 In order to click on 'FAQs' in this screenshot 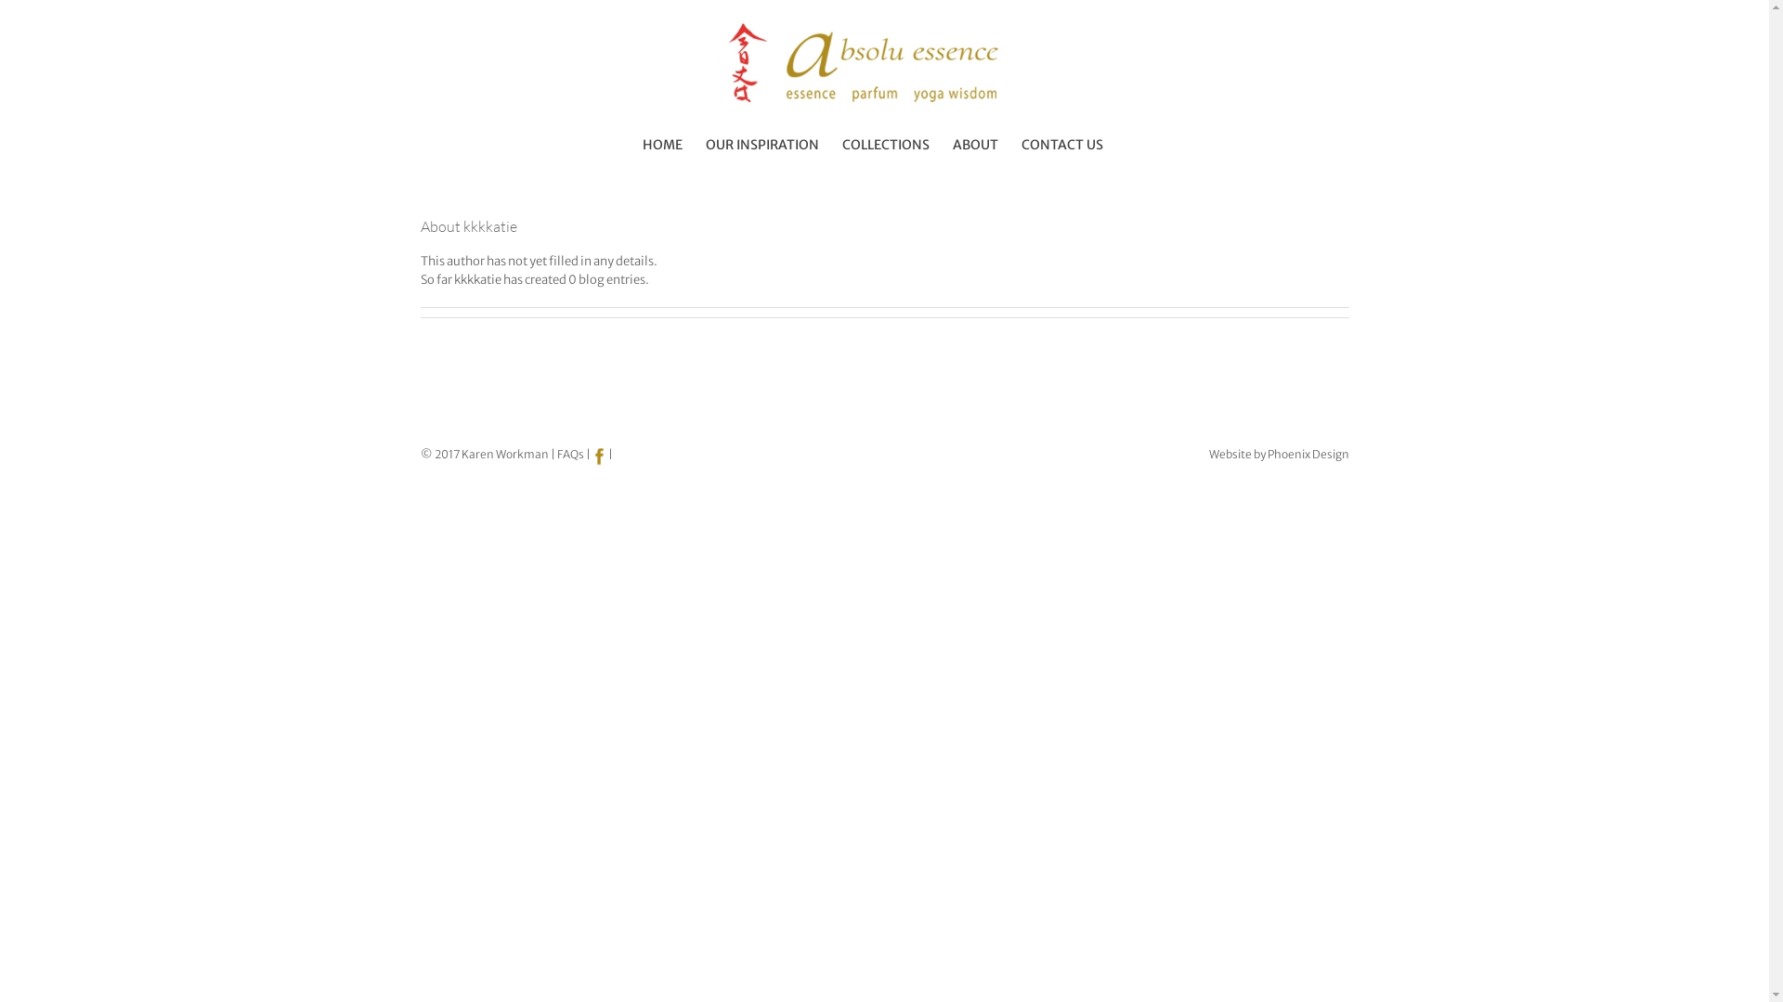, I will do `click(569, 454)`.